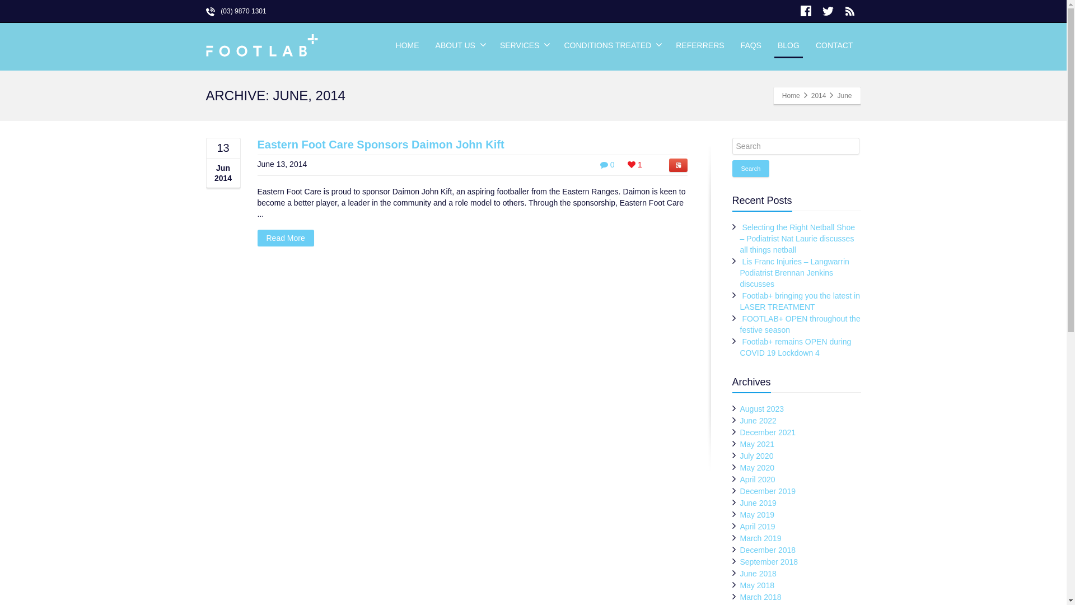 Image resolution: width=1075 pixels, height=605 pixels. What do you see at coordinates (849, 11) in the screenshot?
I see `'Rss'` at bounding box center [849, 11].